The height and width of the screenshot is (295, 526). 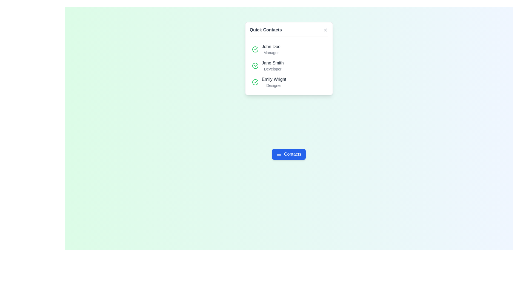 What do you see at coordinates (325, 30) in the screenshot?
I see `the close button located at the top right corner of the 'Quick Contacts' dialog box` at bounding box center [325, 30].